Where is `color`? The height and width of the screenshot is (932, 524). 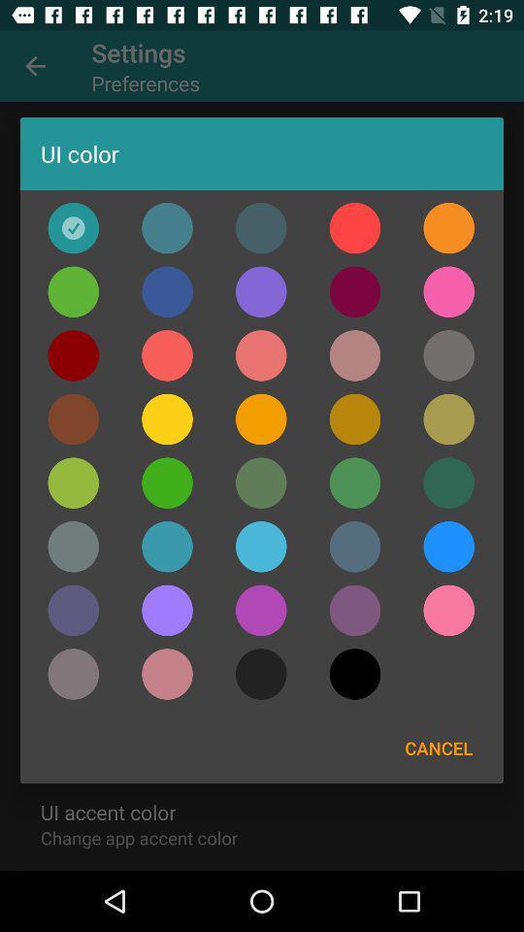 color is located at coordinates (167, 228).